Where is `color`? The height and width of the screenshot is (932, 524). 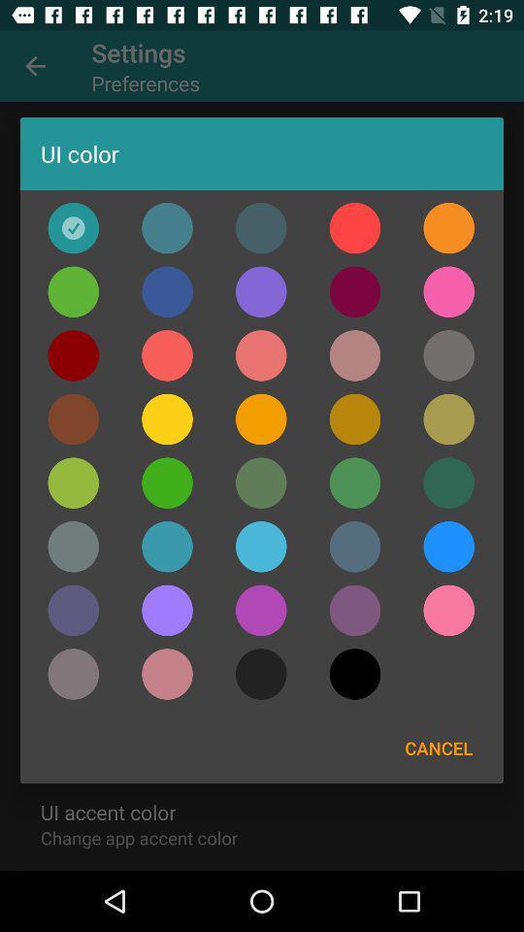 color is located at coordinates (167, 228).